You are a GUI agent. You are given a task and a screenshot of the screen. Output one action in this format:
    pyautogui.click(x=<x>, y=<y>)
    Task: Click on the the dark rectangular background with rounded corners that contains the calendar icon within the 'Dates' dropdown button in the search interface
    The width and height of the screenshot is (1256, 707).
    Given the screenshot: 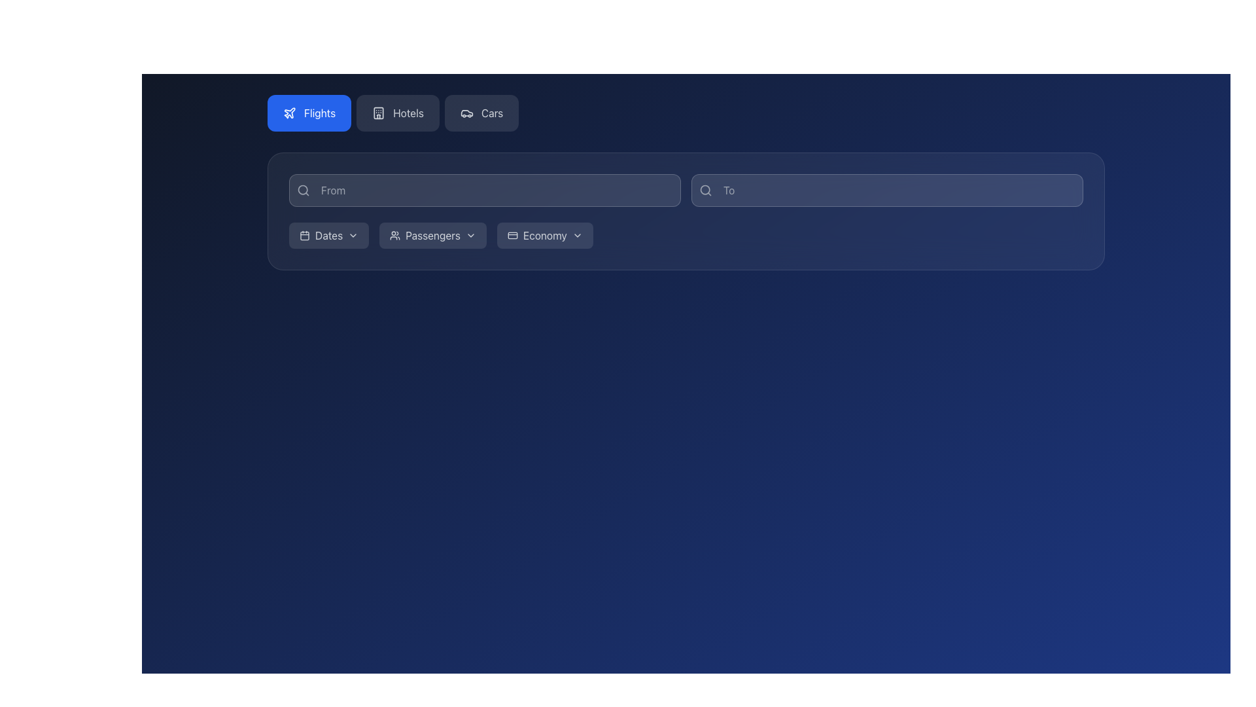 What is the action you would take?
    pyautogui.click(x=304, y=234)
    